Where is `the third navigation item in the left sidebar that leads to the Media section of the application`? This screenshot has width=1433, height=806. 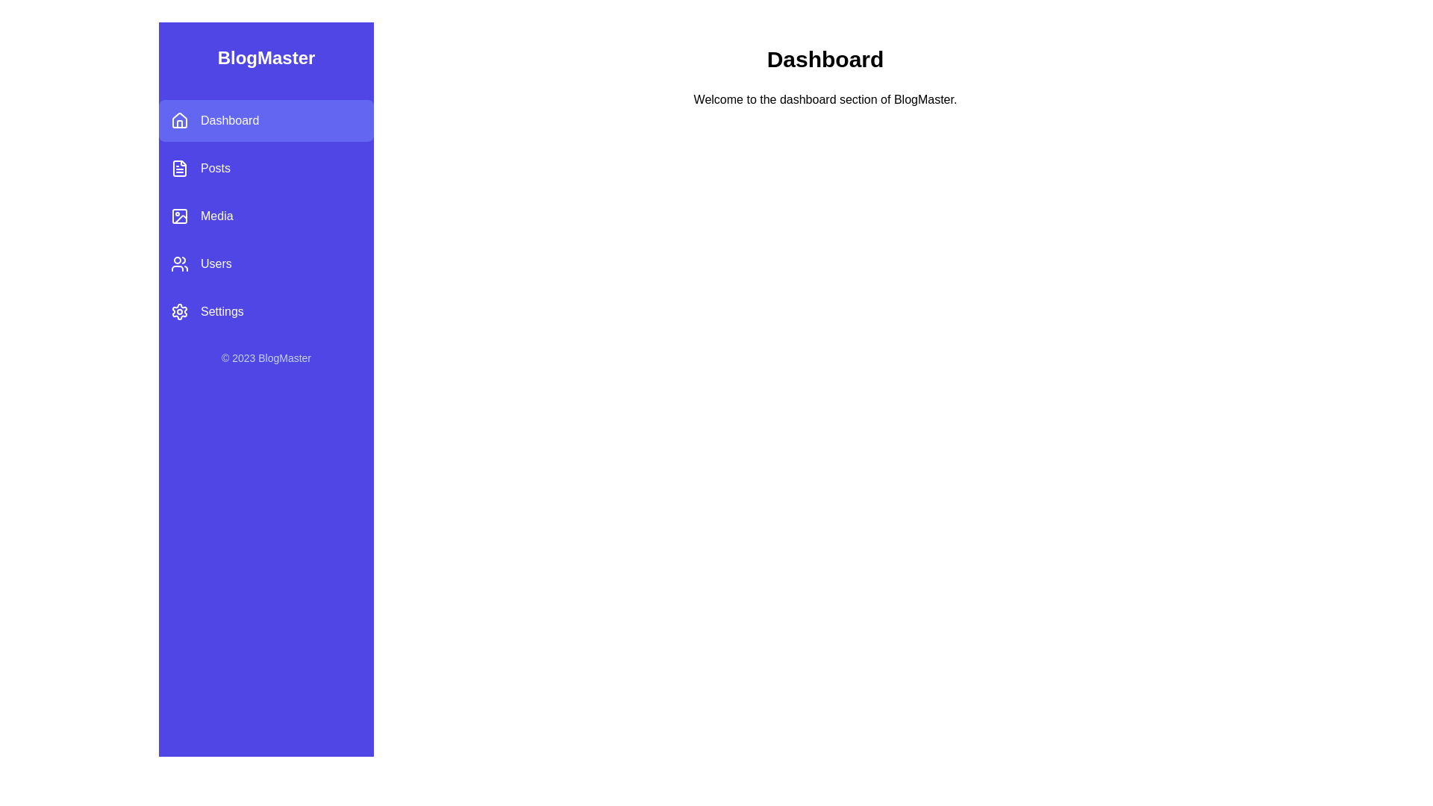 the third navigation item in the left sidebar that leads to the Media section of the application is located at coordinates (266, 216).